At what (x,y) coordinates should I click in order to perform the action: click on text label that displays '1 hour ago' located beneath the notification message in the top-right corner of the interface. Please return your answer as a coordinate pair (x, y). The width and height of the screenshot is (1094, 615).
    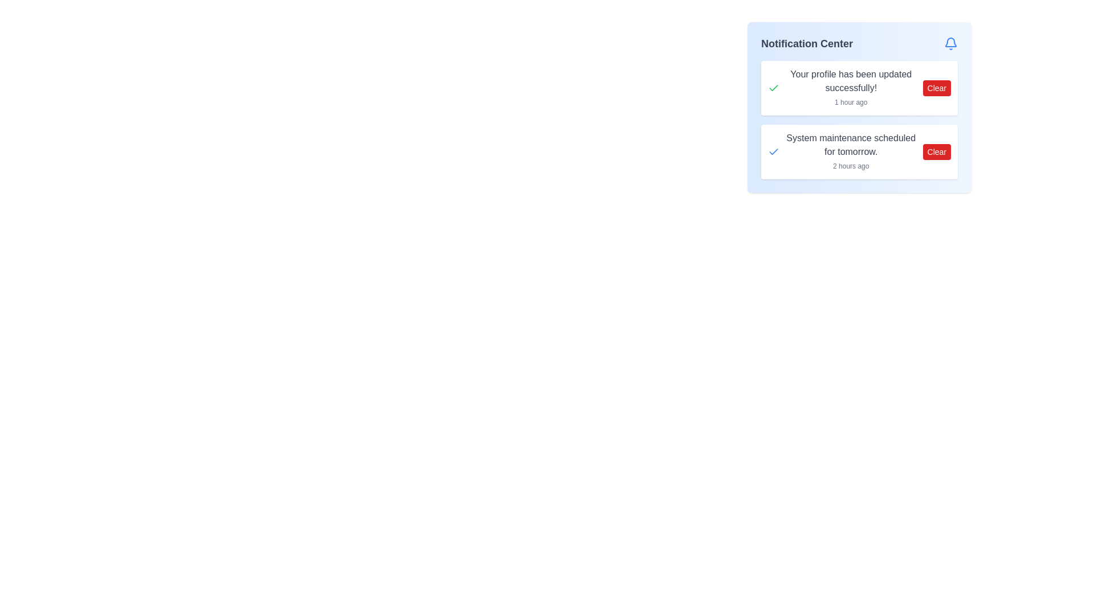
    Looking at the image, I should click on (851, 102).